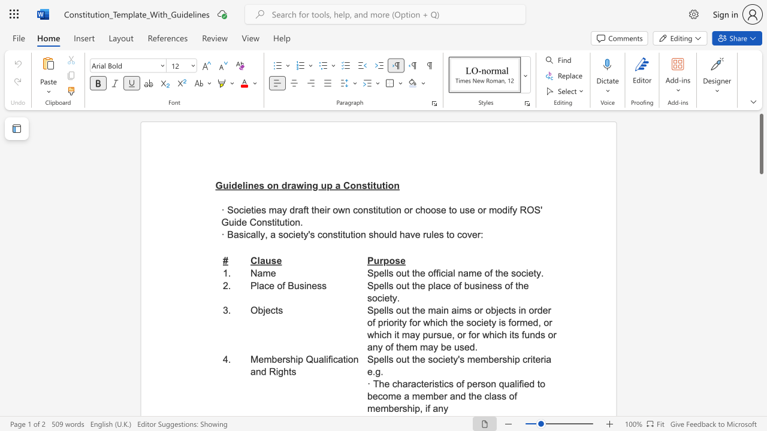 The height and width of the screenshot is (431, 767). Describe the element at coordinates (760, 298) in the screenshot. I see `the scrollbar to scroll the page down` at that location.